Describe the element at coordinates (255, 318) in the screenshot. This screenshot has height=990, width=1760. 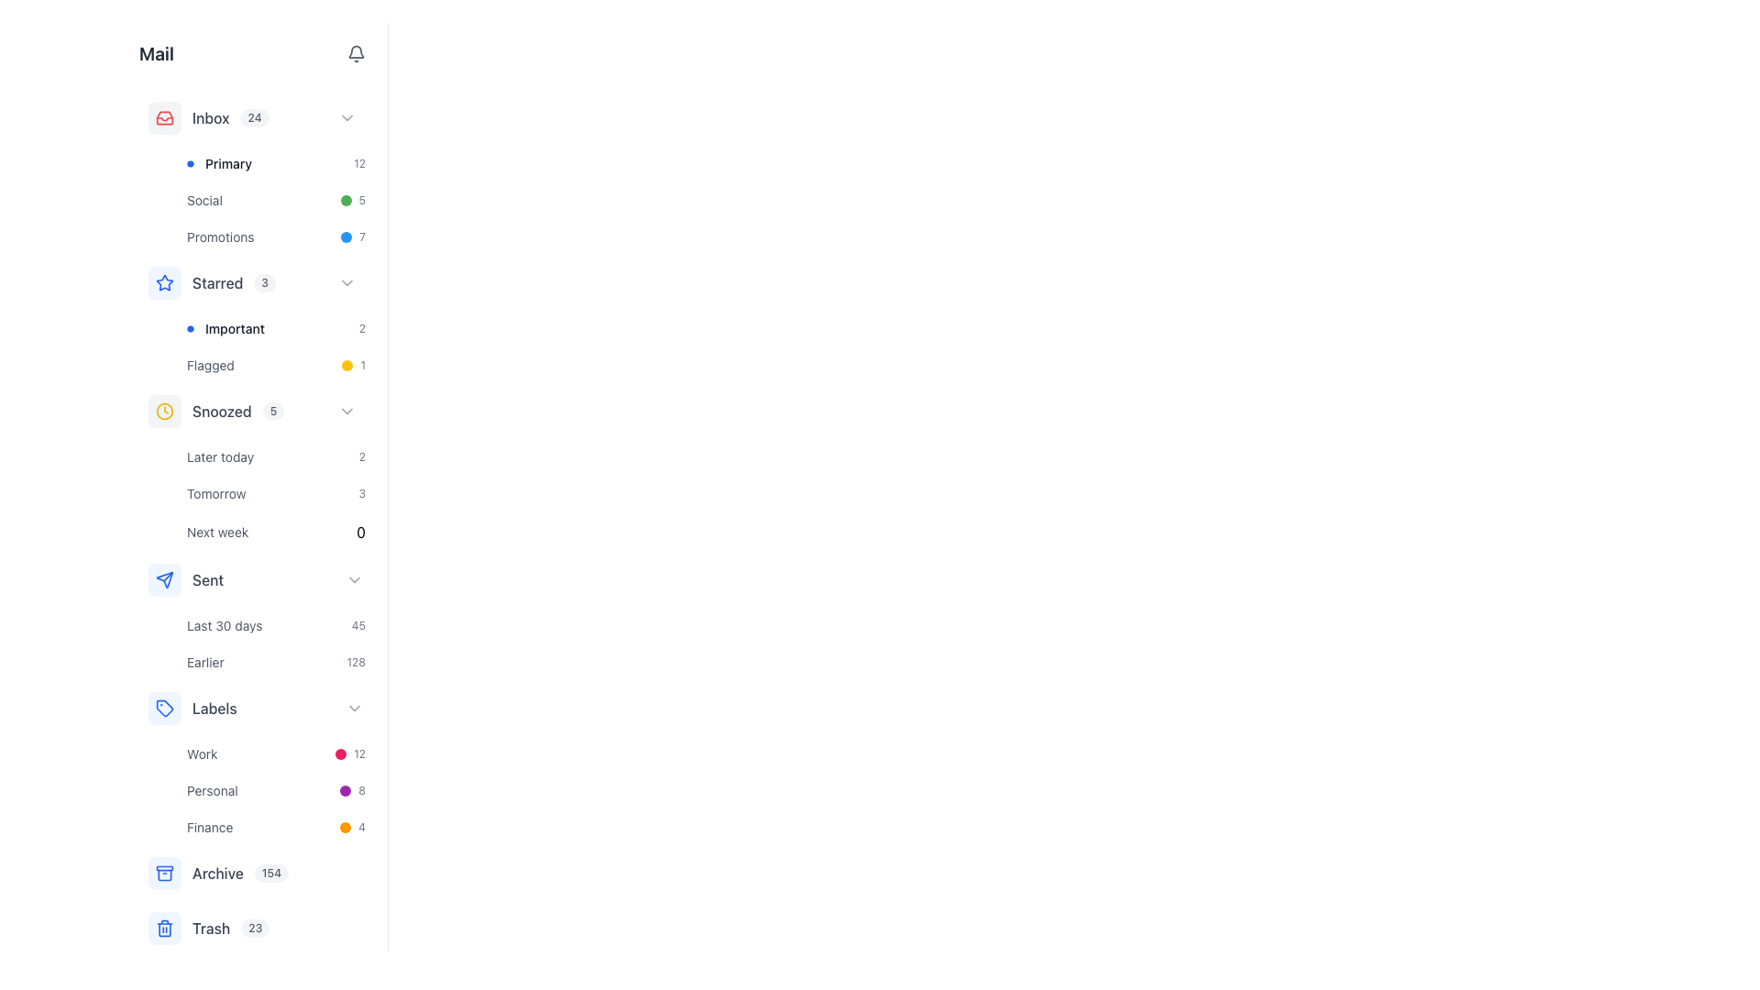
I see `the 'Important' filter option in the second position of the expanded 'Starred' section in the left-hand navigation panel` at that location.